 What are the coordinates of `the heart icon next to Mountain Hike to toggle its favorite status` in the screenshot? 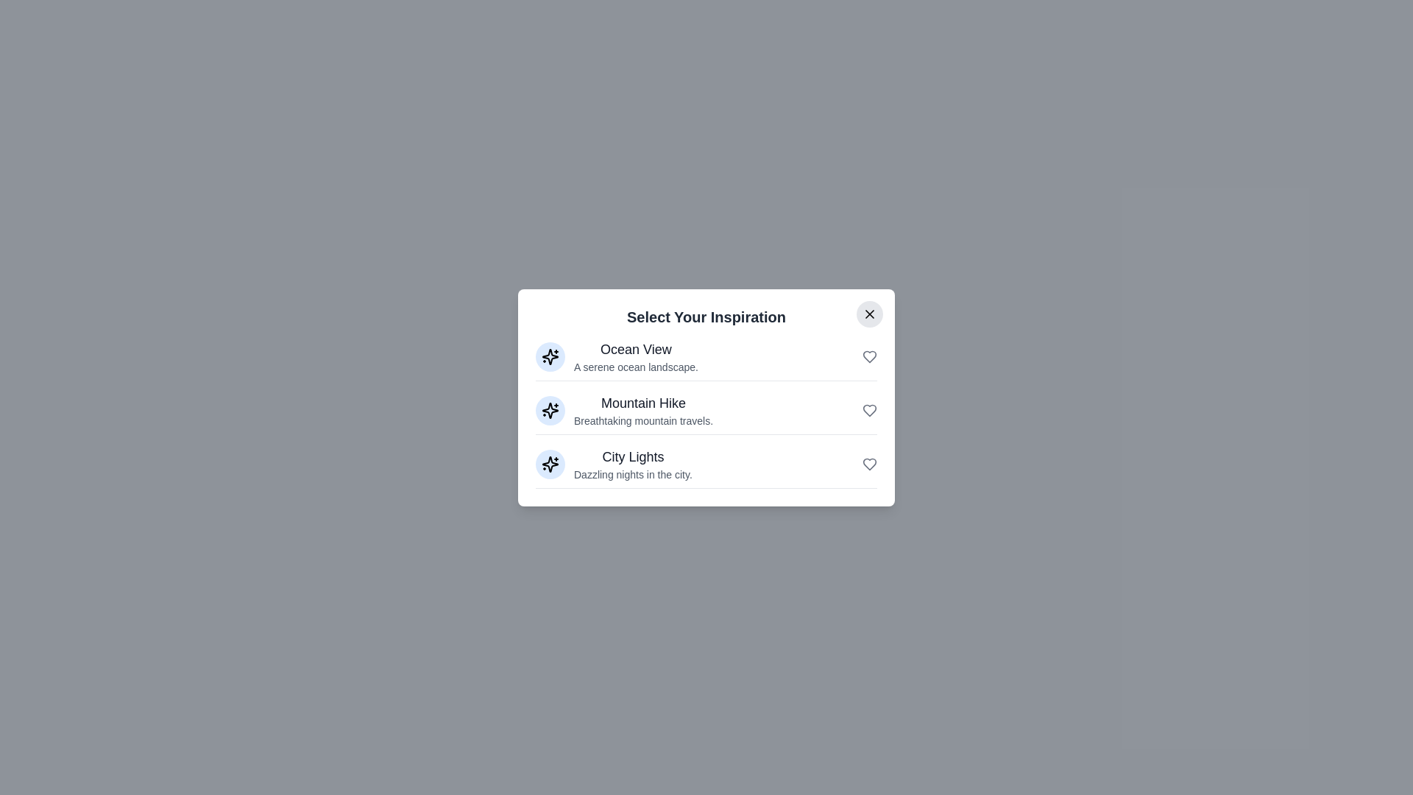 It's located at (869, 410).